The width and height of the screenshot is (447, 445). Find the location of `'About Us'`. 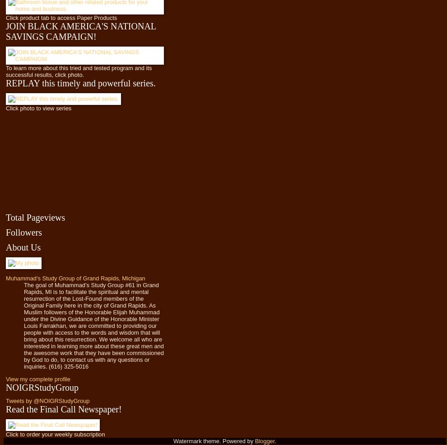

'About Us' is located at coordinates (5, 246).